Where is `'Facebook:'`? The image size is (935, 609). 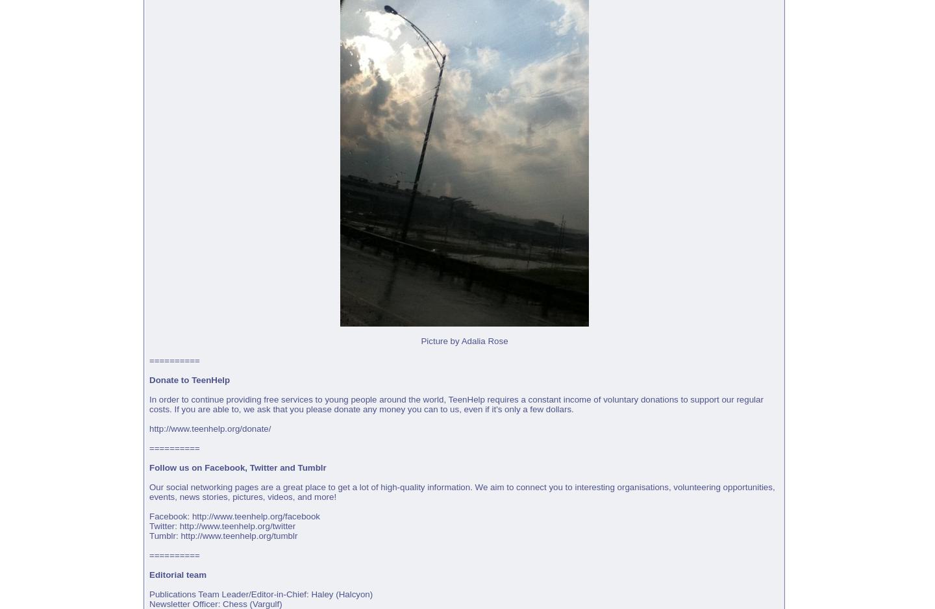
'Facebook:' is located at coordinates (149, 516).